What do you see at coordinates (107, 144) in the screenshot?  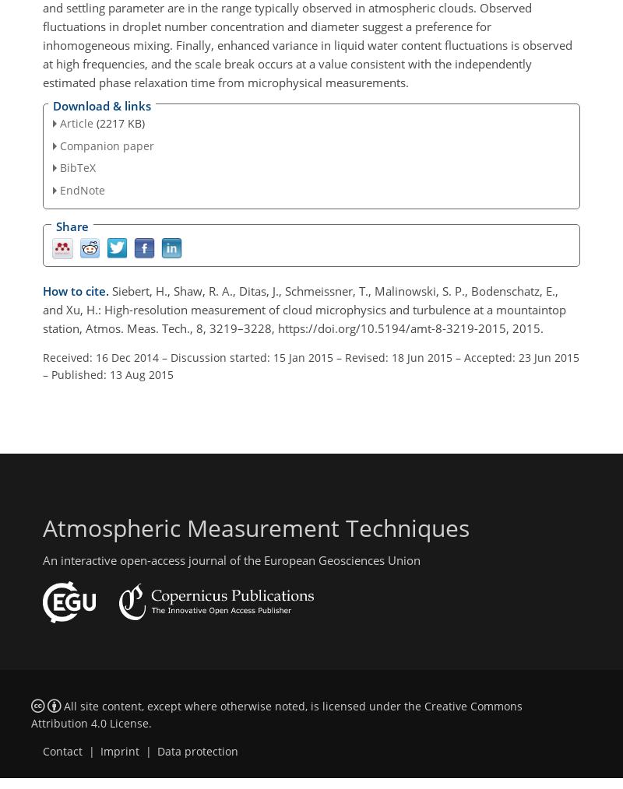 I see `'Companion paper'` at bounding box center [107, 144].